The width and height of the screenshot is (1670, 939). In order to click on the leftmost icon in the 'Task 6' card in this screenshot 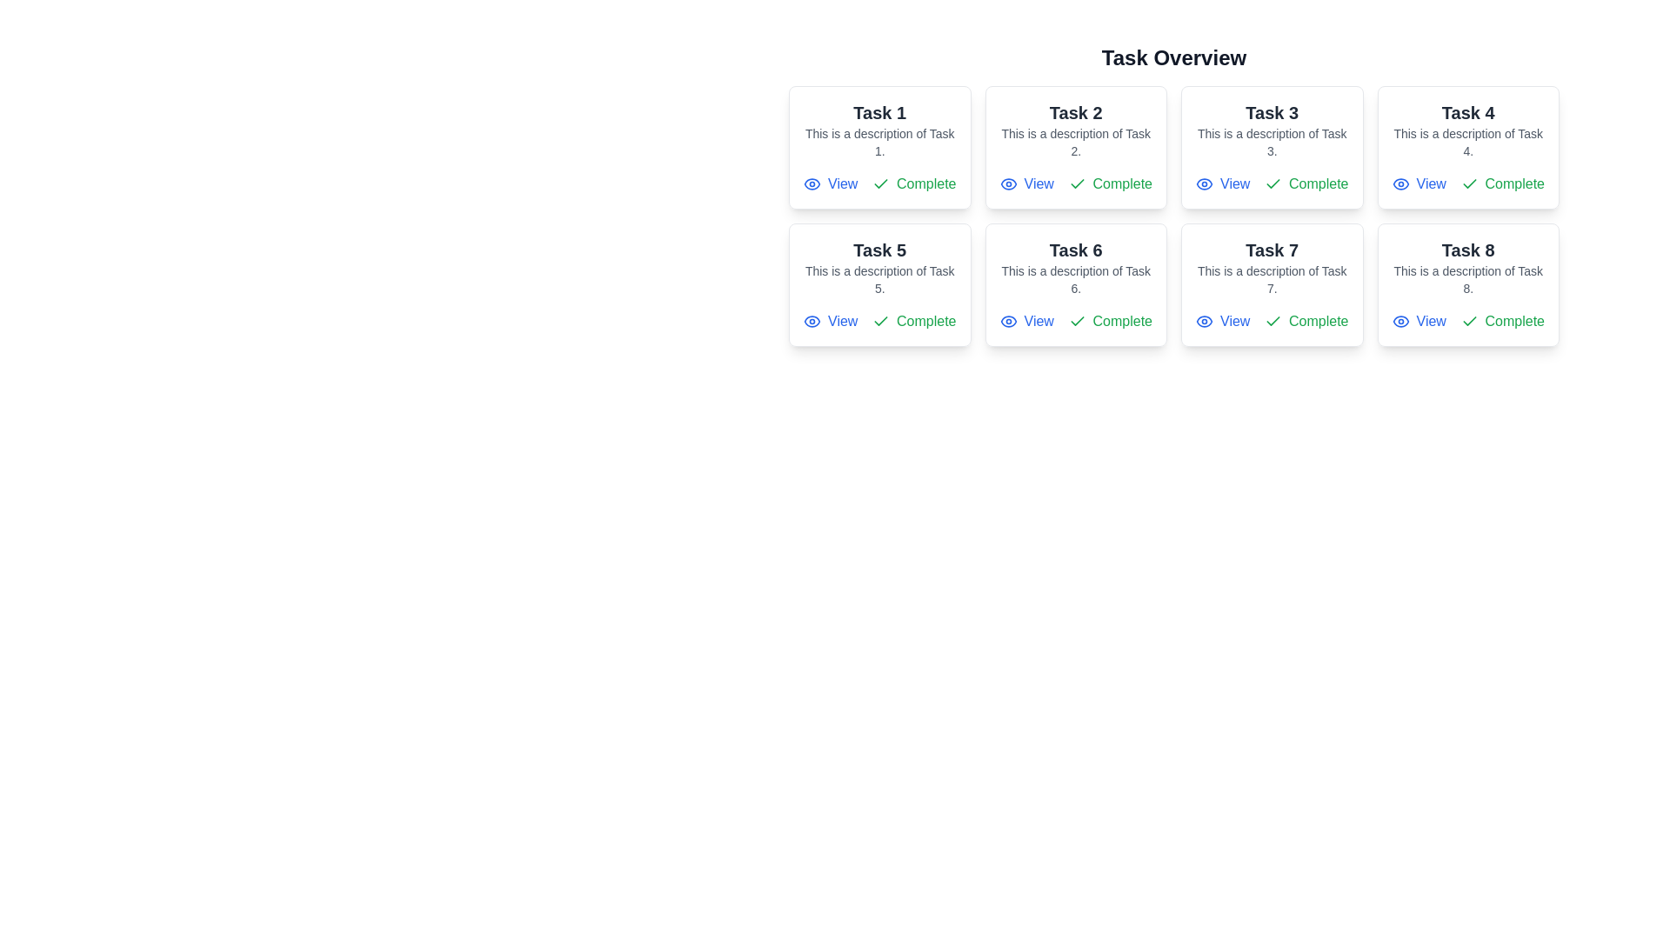, I will do `click(1008, 322)`.